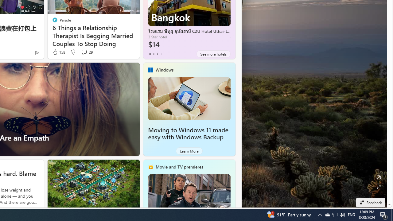 The width and height of the screenshot is (393, 221). I want to click on 'tab-4', so click(165, 54).